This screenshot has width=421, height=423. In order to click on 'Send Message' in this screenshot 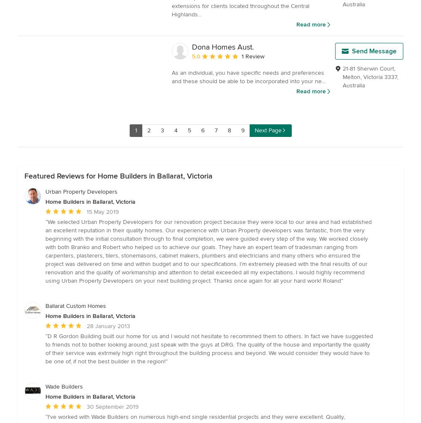, I will do `click(352, 51)`.